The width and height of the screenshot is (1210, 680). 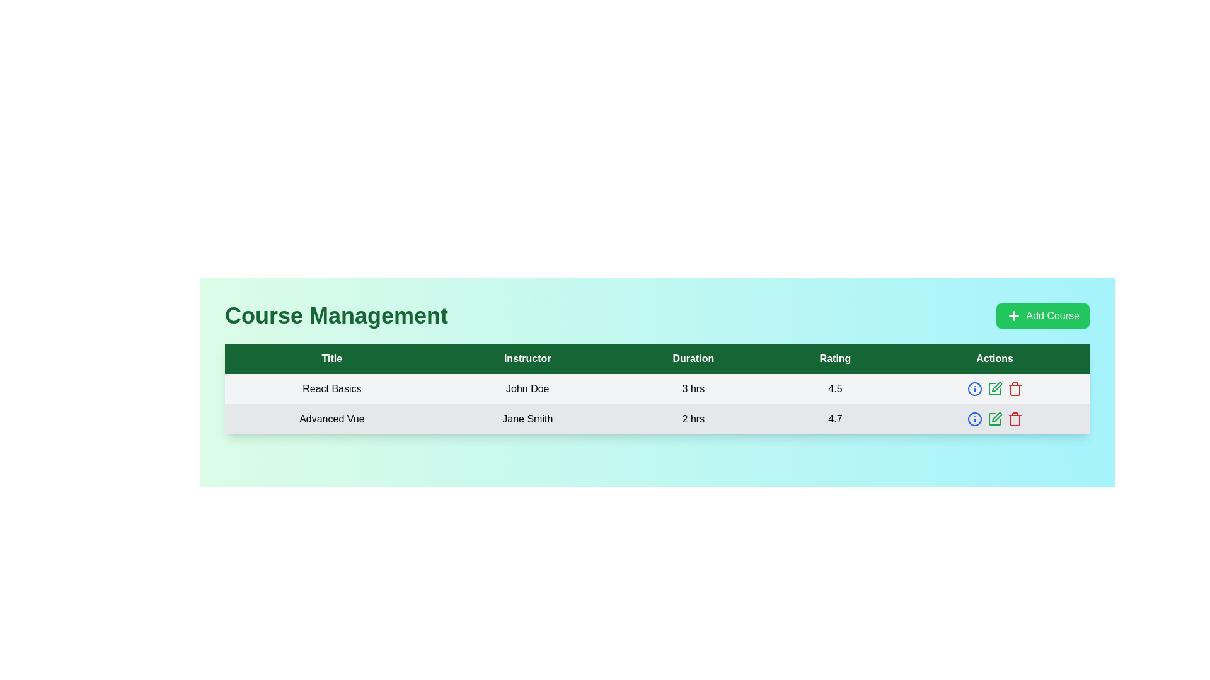 I want to click on the 'Add Course' button, which features a small SVG plus icon on its left, so click(x=1013, y=315).